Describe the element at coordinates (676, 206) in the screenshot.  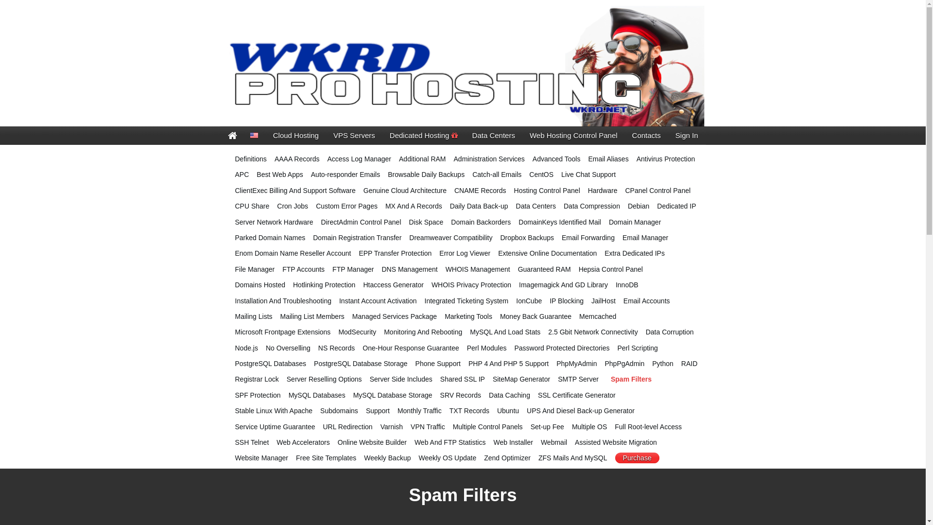
I see `'Dedicated IP'` at that location.